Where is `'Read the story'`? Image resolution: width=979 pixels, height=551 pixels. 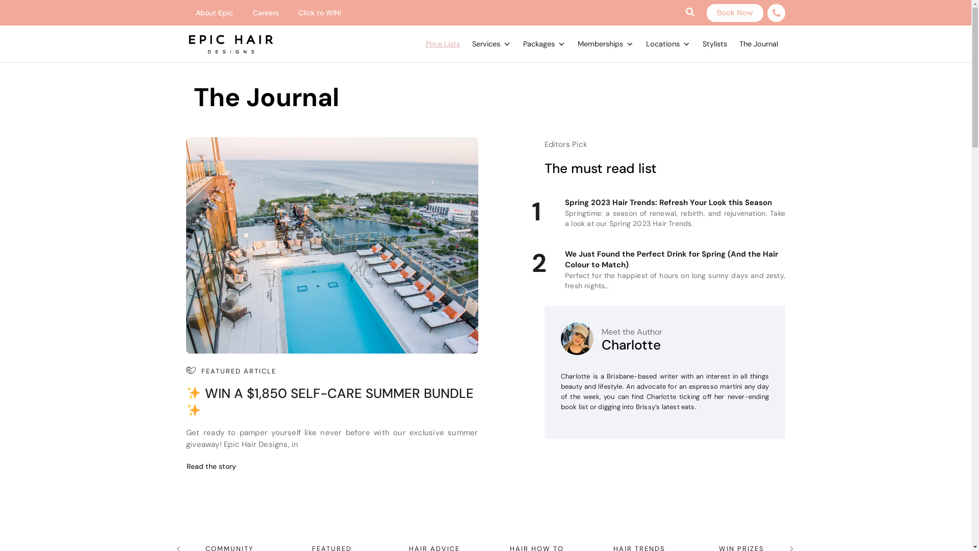
'Read the story' is located at coordinates (211, 465).